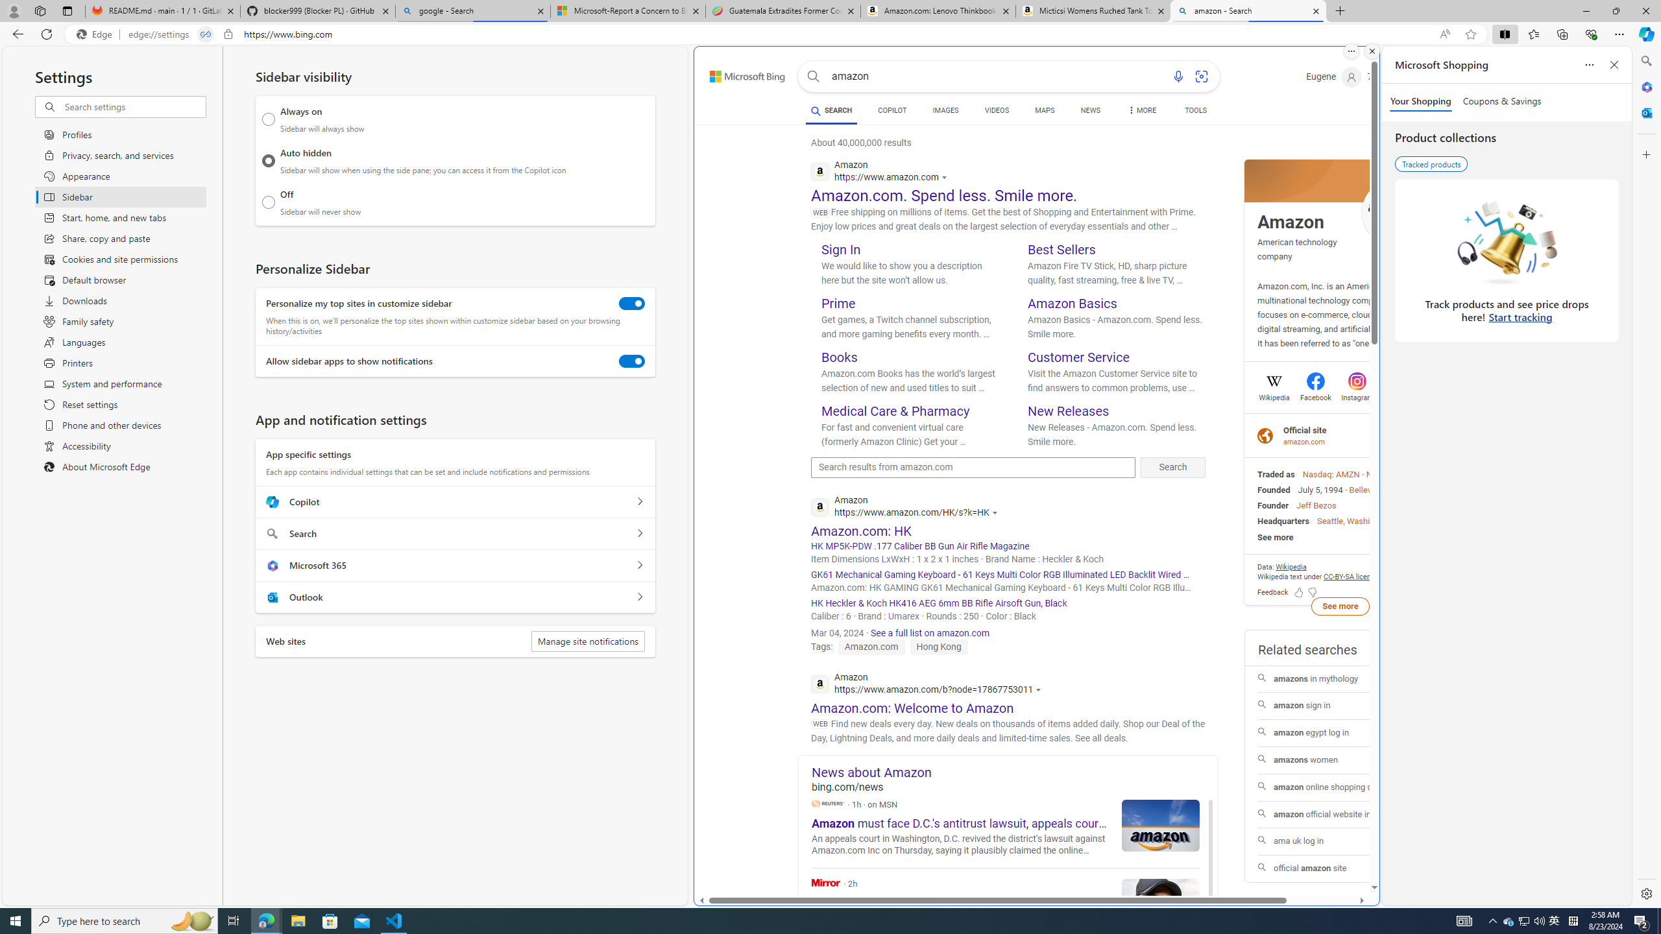  What do you see at coordinates (1339, 678) in the screenshot?
I see `'amazons in mythology'` at bounding box center [1339, 678].